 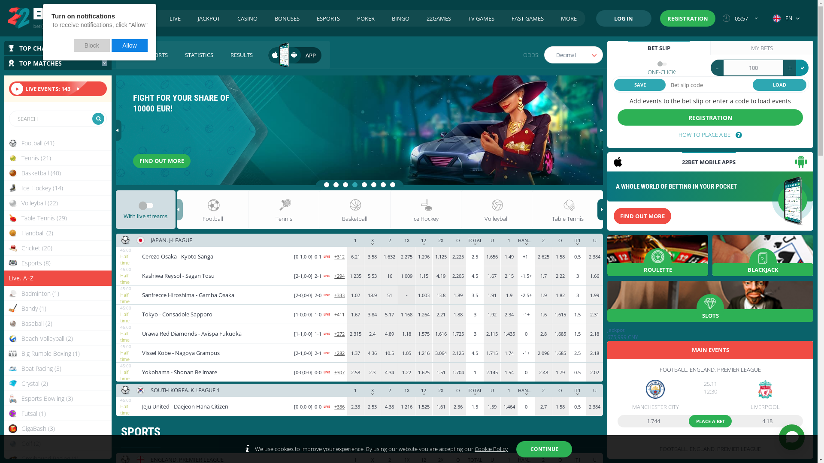 What do you see at coordinates (57, 158) in the screenshot?
I see `'Tennis` at bounding box center [57, 158].